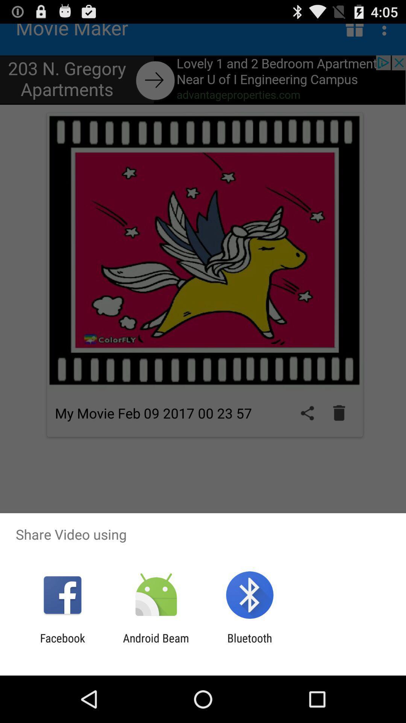  Describe the element at coordinates (156, 644) in the screenshot. I see `android beam` at that location.